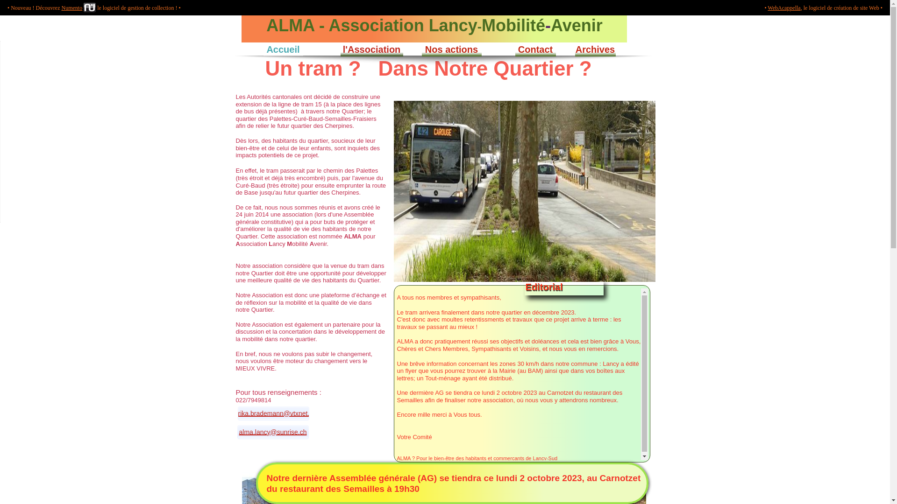  I want to click on 'l'Association', so click(371, 49).